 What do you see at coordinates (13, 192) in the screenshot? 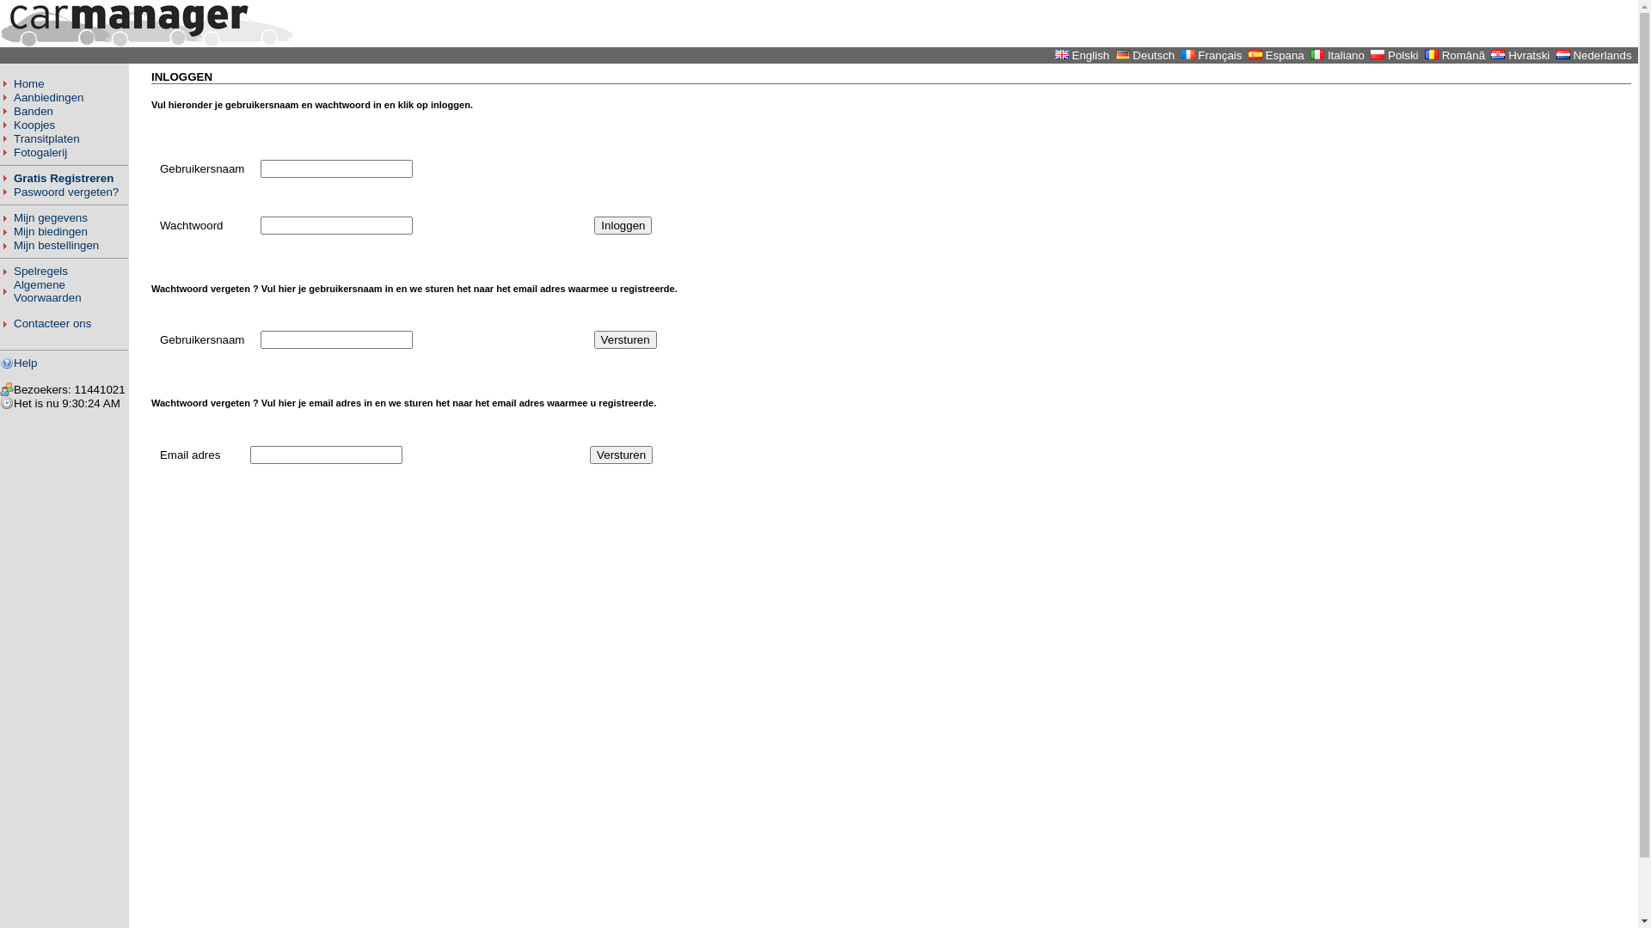
I see `'Paswoord vergeten?'` at bounding box center [13, 192].